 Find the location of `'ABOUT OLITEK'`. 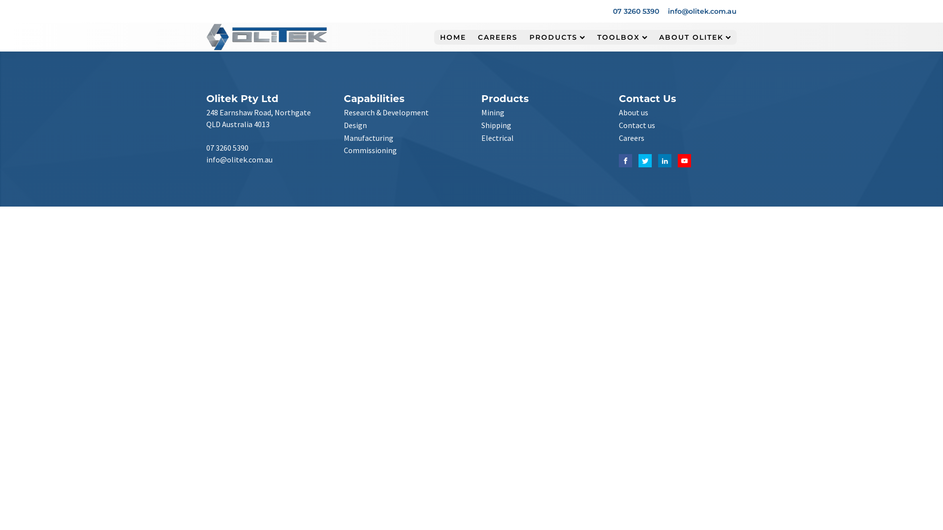

'ABOUT OLITEK' is located at coordinates (694, 37).